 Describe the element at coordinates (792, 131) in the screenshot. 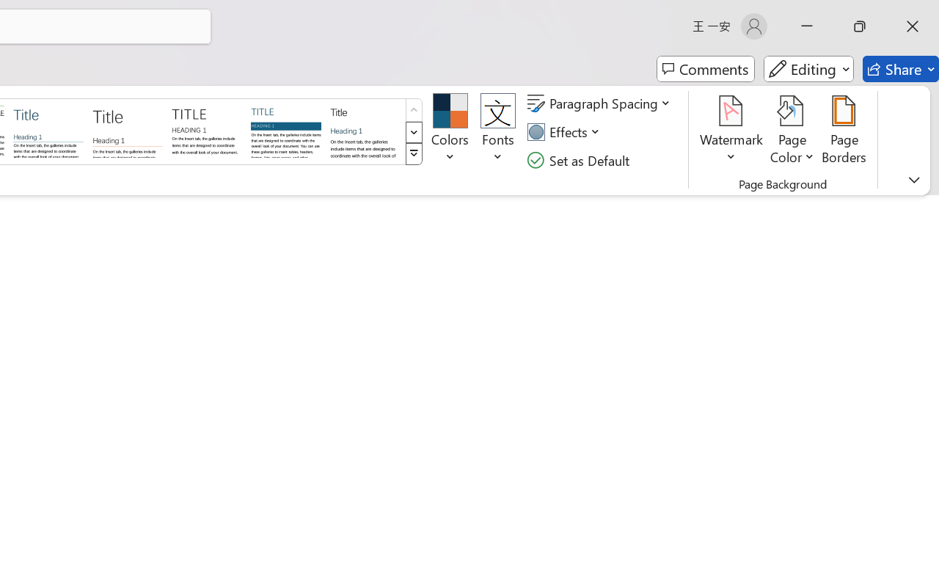

I see `'Page Color'` at that location.